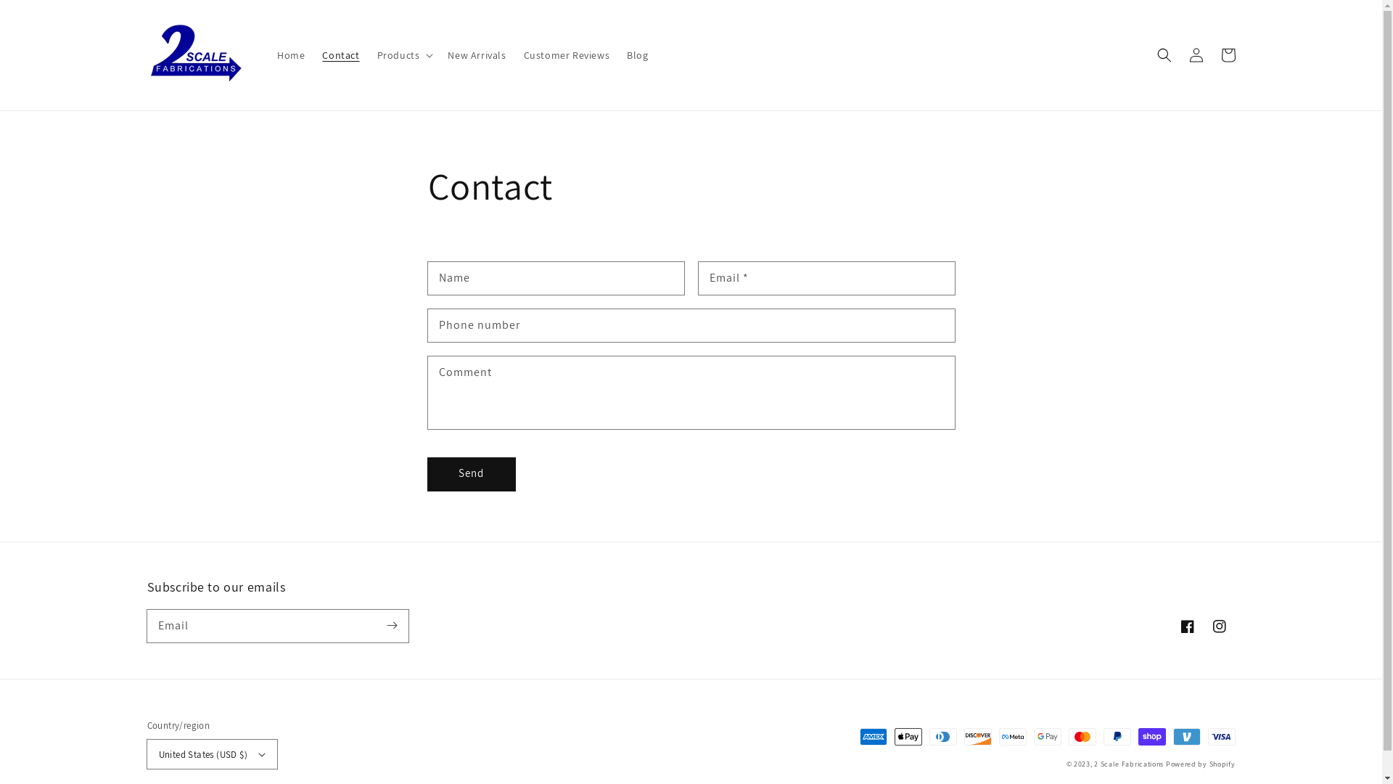 This screenshot has width=1393, height=784. What do you see at coordinates (290, 54) in the screenshot?
I see `'Home'` at bounding box center [290, 54].